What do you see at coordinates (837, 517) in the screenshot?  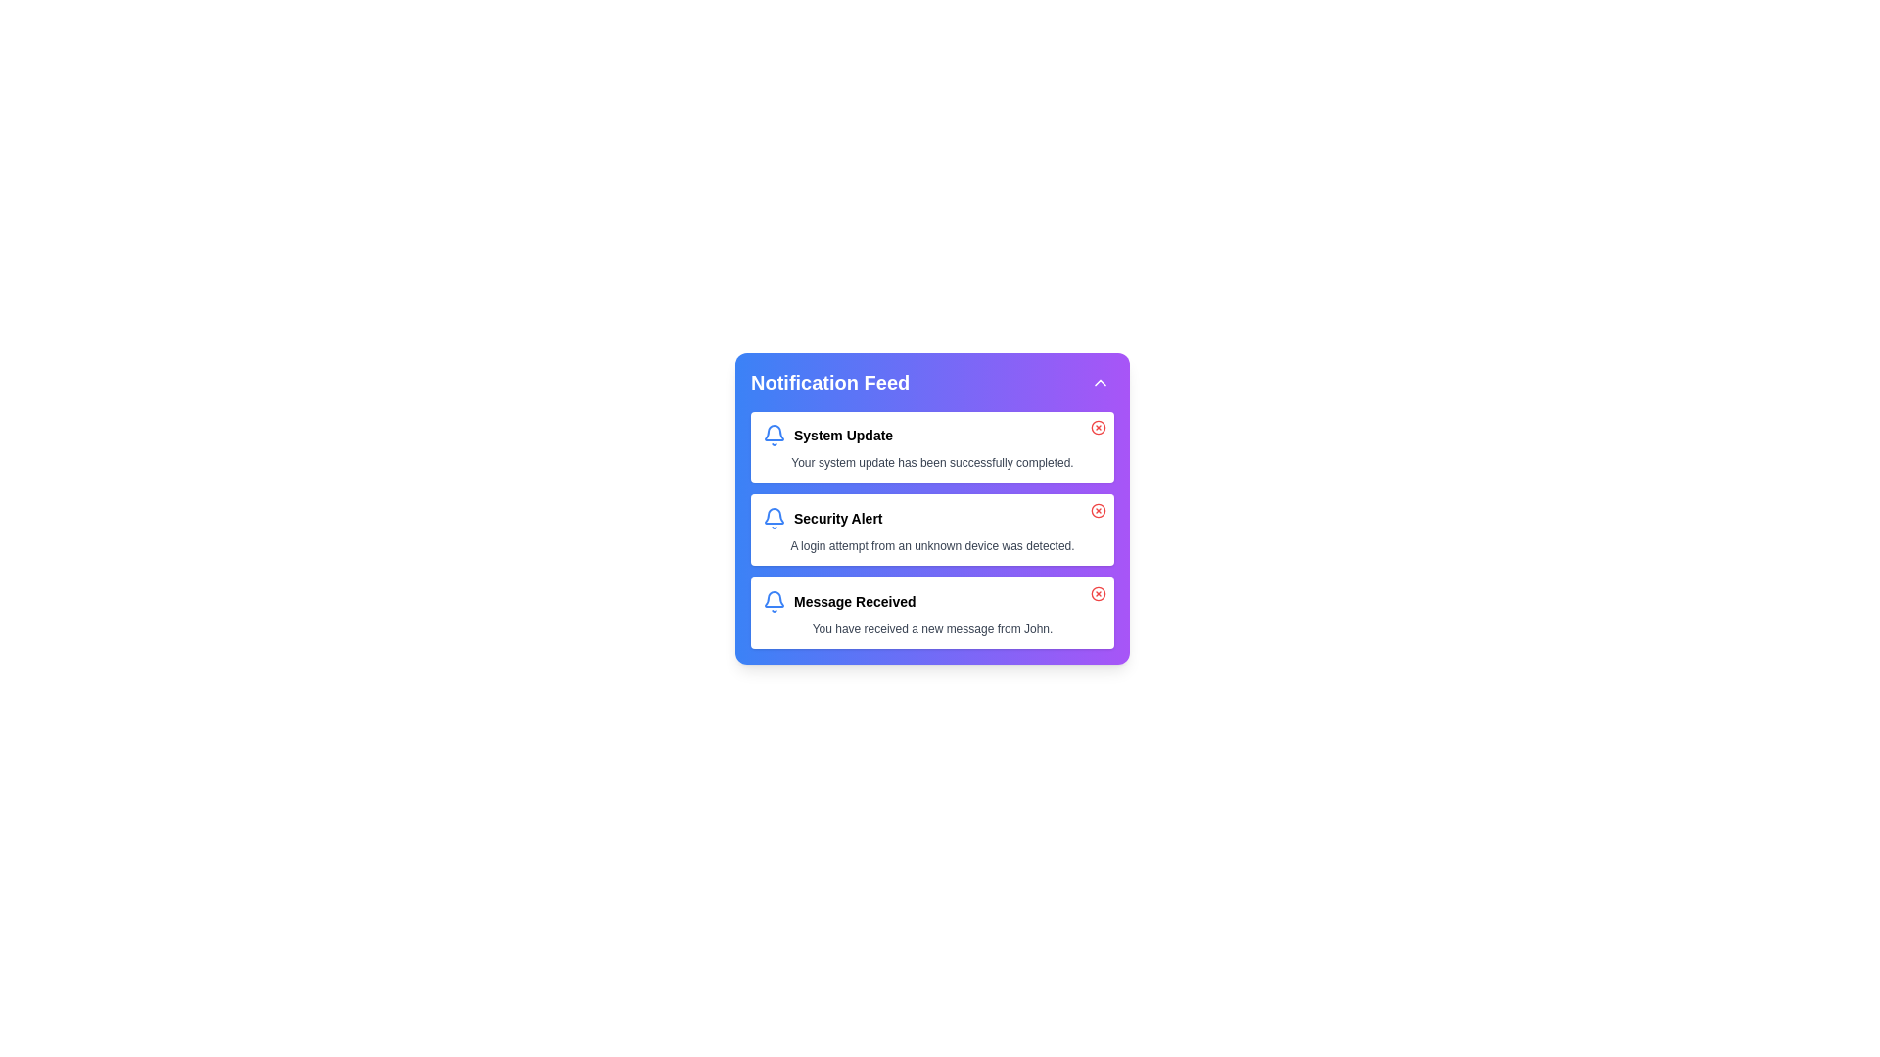 I see `the second notification title in the 'Notification Feed' section that alerts the user about a security-related issue` at bounding box center [837, 517].